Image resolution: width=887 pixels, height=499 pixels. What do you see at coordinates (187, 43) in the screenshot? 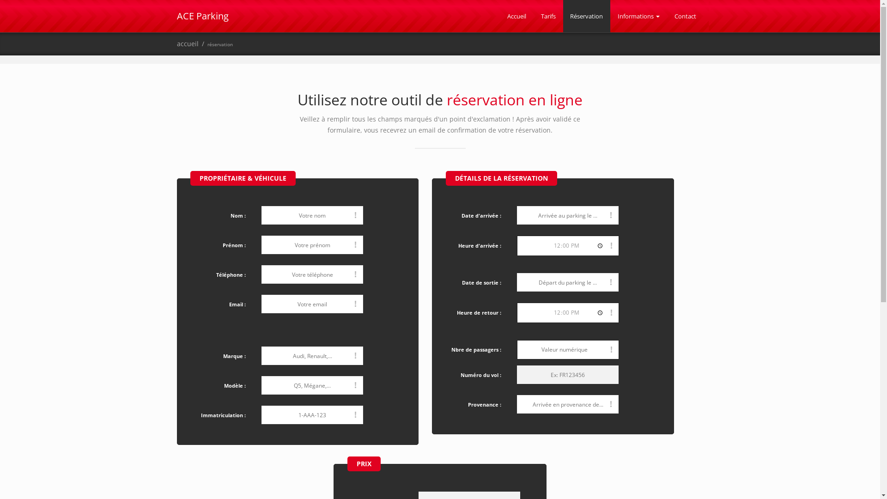
I see `'accueil'` at bounding box center [187, 43].